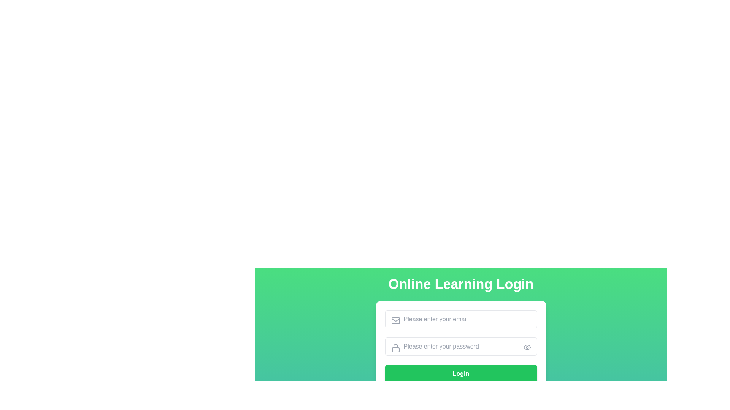 This screenshot has width=730, height=410. I want to click on the bold and large white text displaying 'Online Learning Login' located at the top of the central login section, above the login input form, so click(460, 284).